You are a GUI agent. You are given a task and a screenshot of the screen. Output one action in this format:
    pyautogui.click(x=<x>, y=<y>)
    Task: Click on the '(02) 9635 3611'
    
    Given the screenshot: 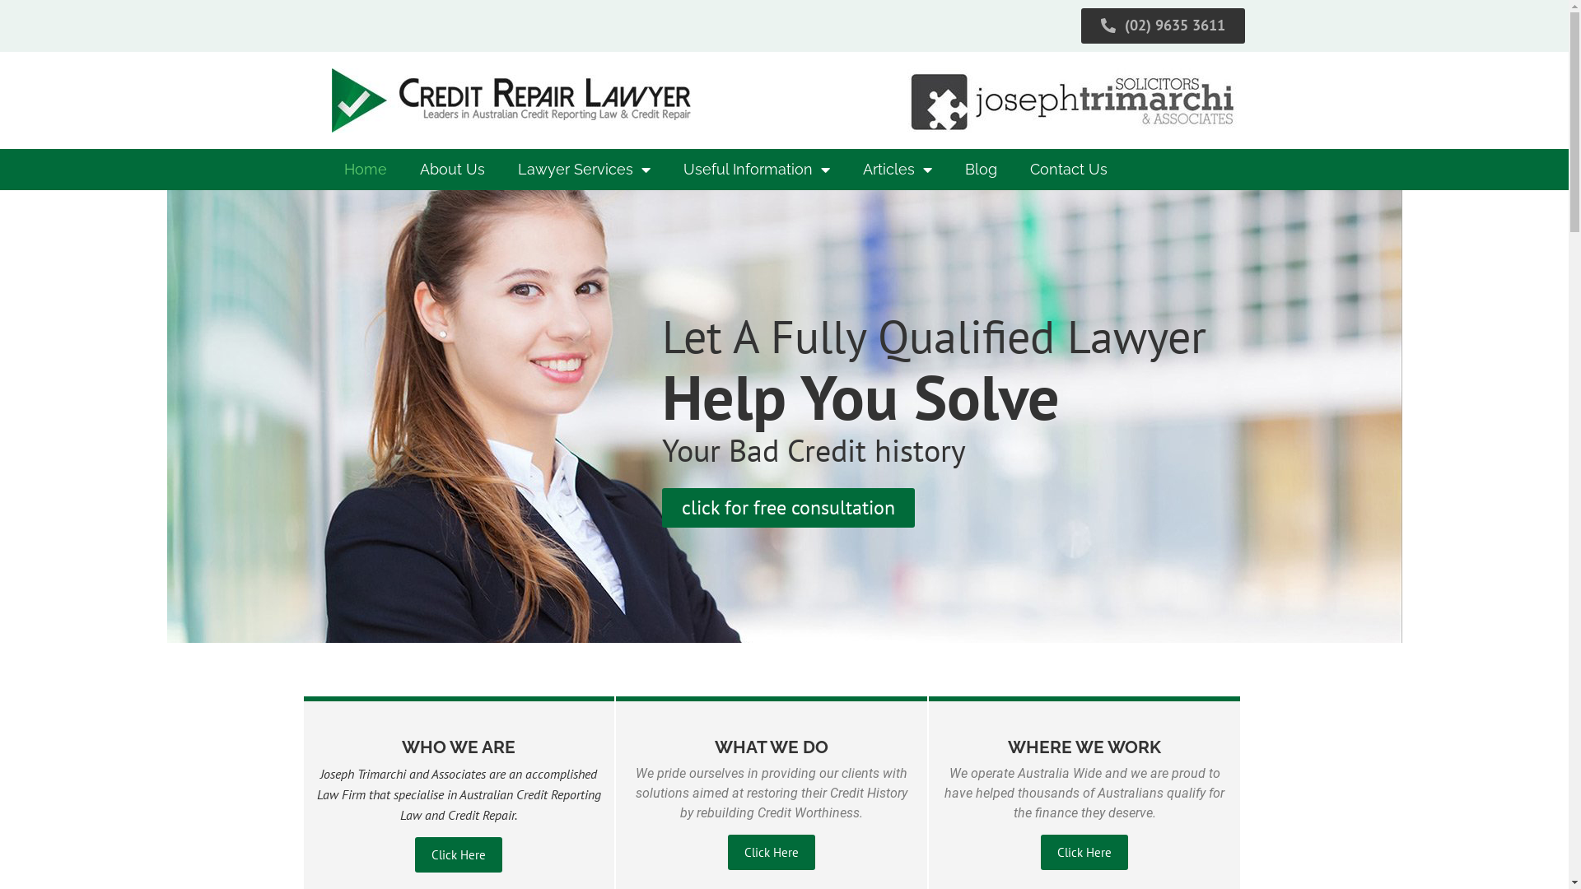 What is the action you would take?
    pyautogui.click(x=1081, y=26)
    